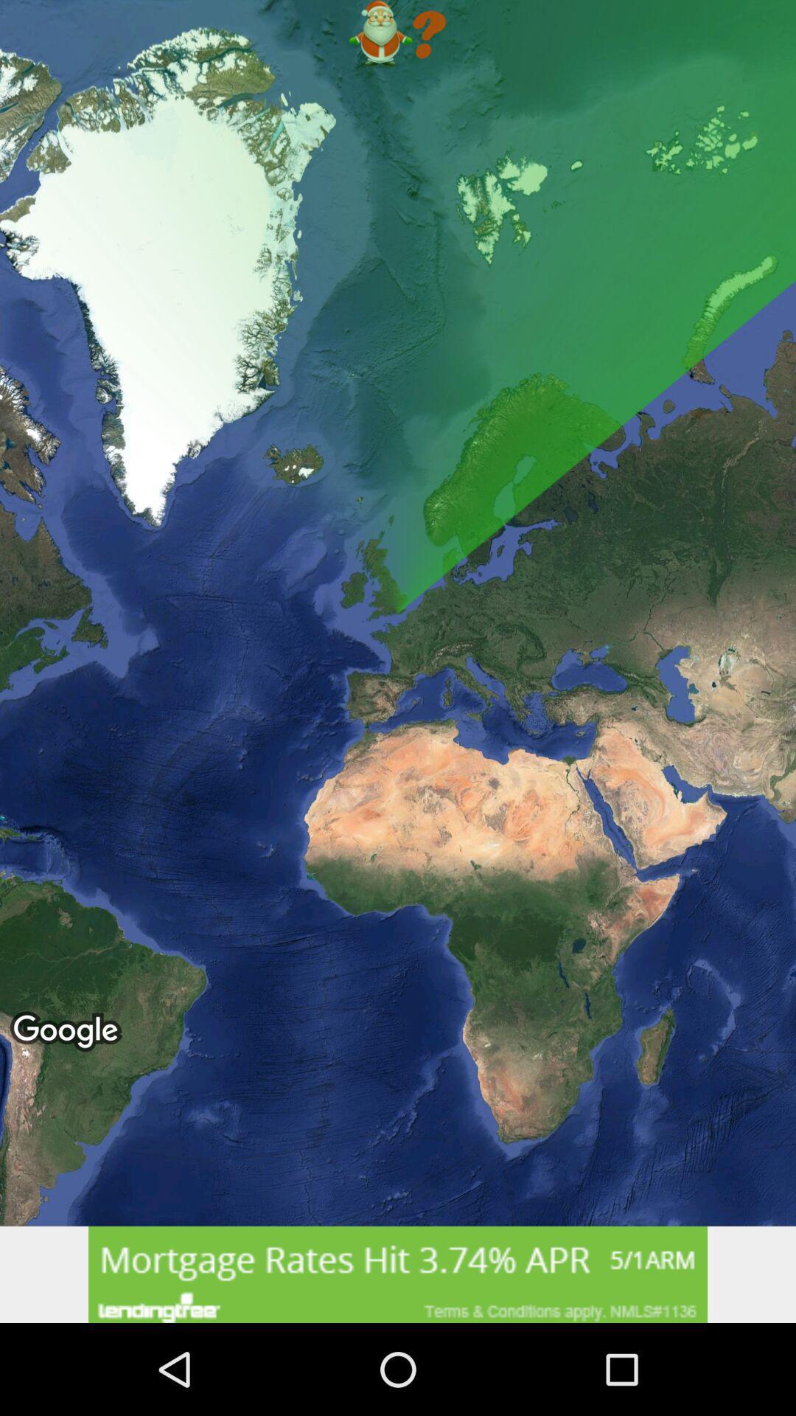 This screenshot has height=1416, width=796. Describe the element at coordinates (398, 1274) in the screenshot. I see `banner advertisement` at that location.